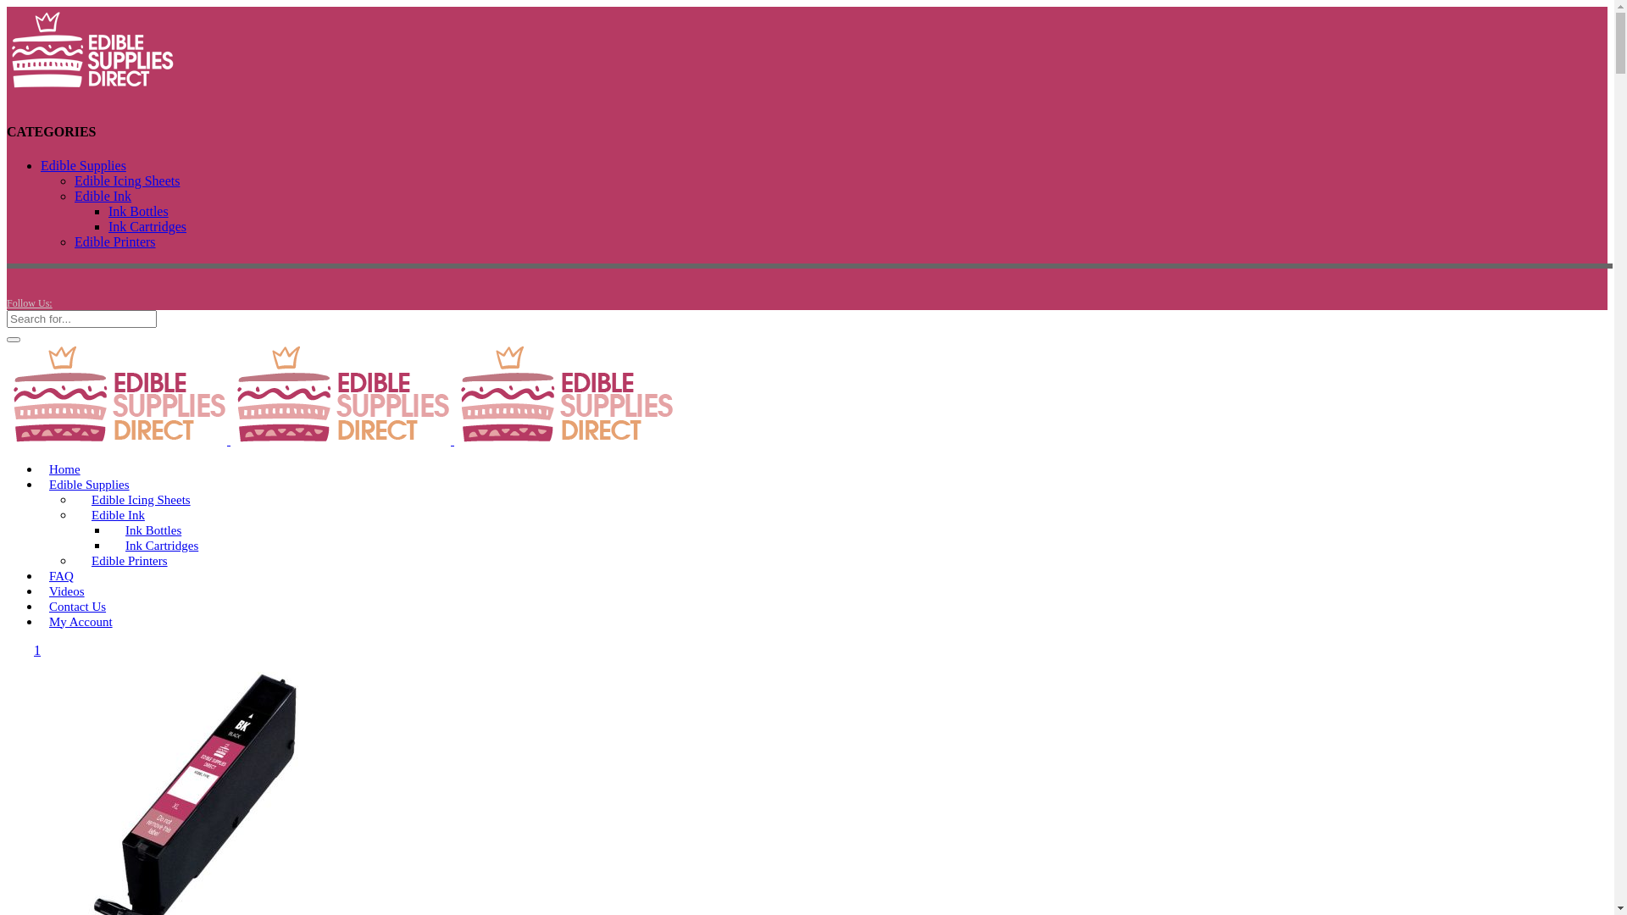 The width and height of the screenshot is (1627, 915). I want to click on '1', so click(36, 649).